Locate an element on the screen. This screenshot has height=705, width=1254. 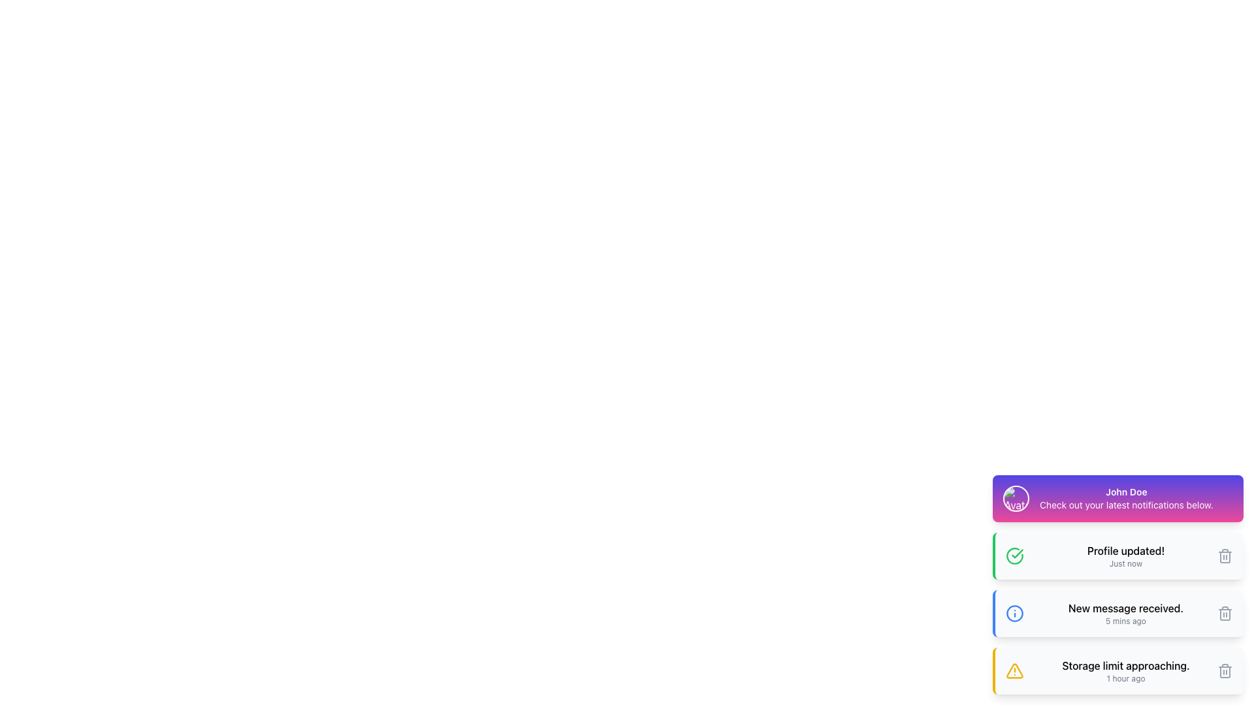
text content of the notification label that says 'Storage limit approaching.' located in the bottom-most notification card just above the timestamp '1 hour ago' is located at coordinates (1125, 665).